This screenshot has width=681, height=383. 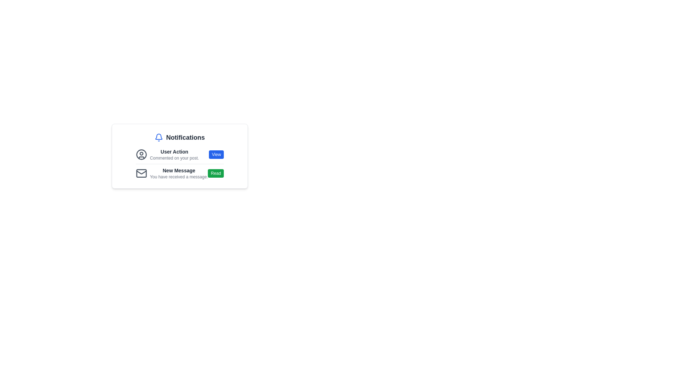 I want to click on the user avatar icon, which is a circular icon with a gray outline and a minimalistic design, located at the top-left corner of the 'User Action' notification card, so click(x=141, y=154).